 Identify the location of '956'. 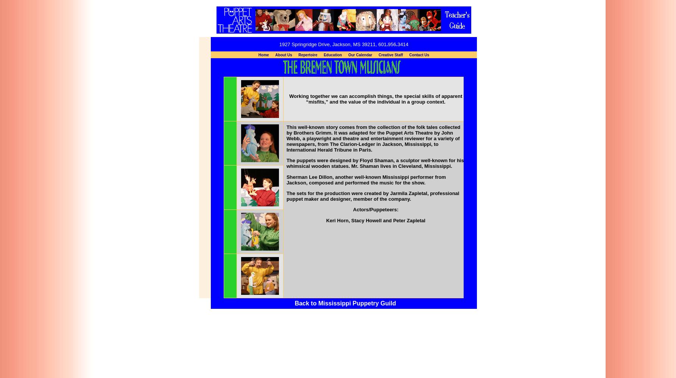
(391, 43).